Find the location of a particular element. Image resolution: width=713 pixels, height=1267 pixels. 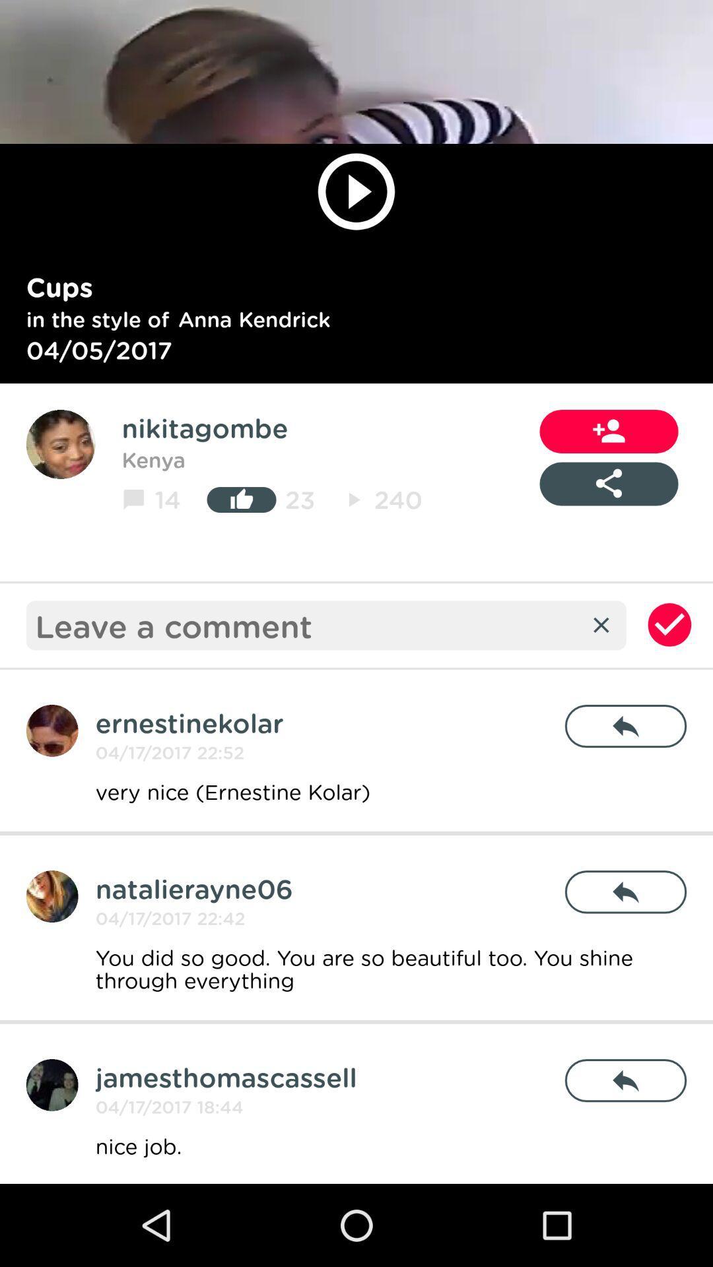

icon above nice job. is located at coordinates (625, 1080).